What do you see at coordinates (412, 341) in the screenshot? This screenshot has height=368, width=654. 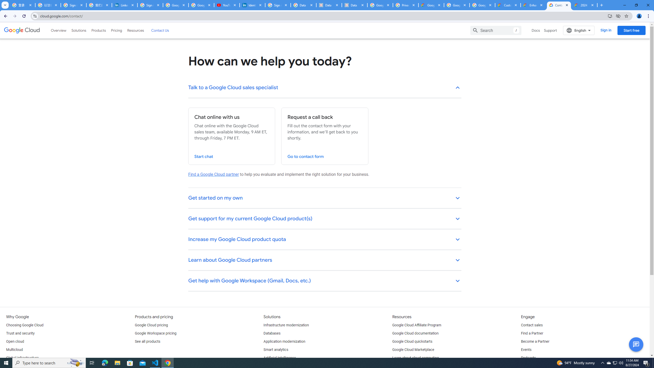 I see `'Google Cloud quickstarts'` at bounding box center [412, 341].